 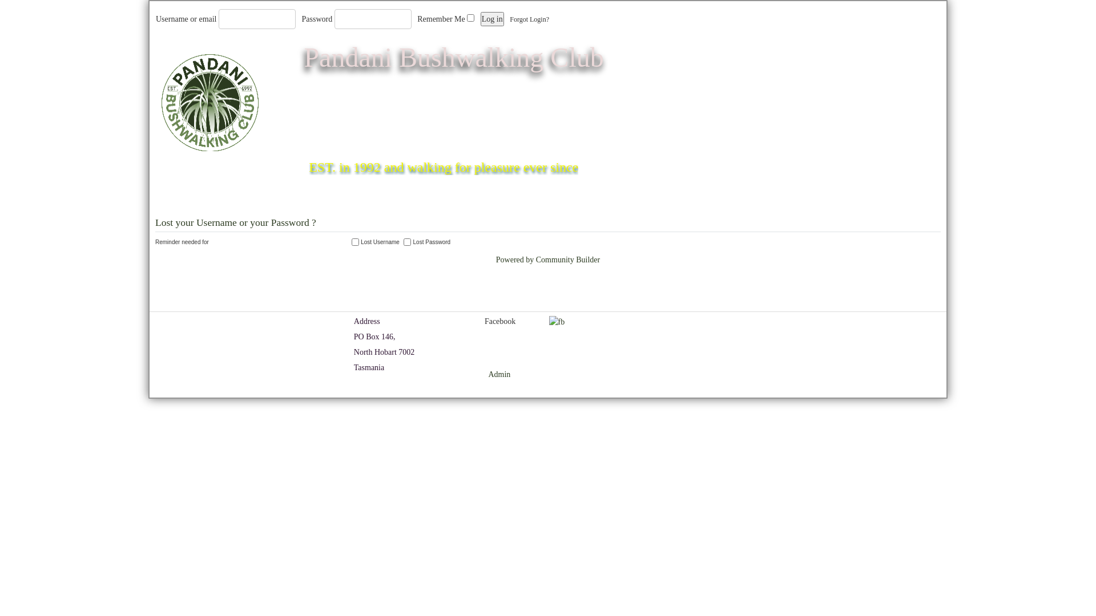 I want to click on 'Admin', so click(x=499, y=374).